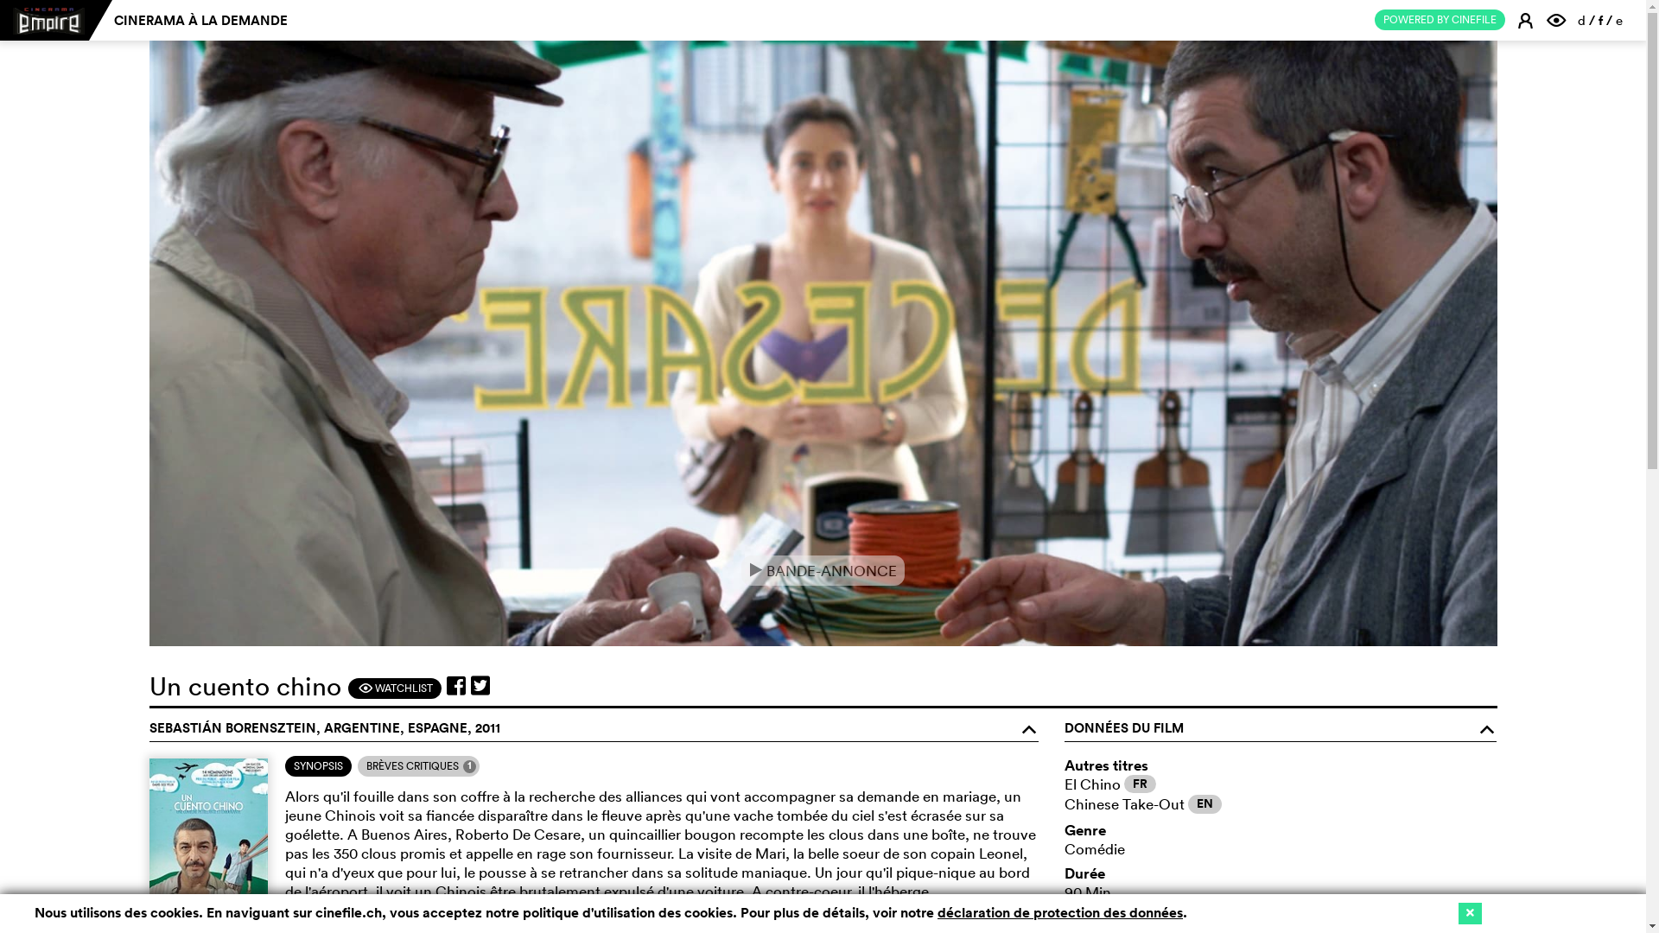  I want to click on 'Partager sur twitter', so click(480, 685).